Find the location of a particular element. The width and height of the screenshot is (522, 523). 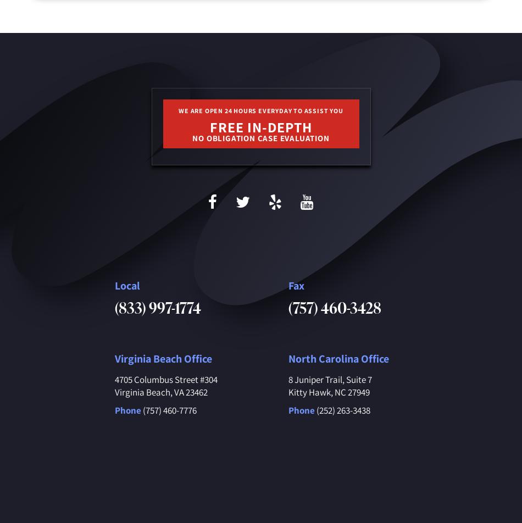

'Virginia Beach Office' is located at coordinates (114, 358).